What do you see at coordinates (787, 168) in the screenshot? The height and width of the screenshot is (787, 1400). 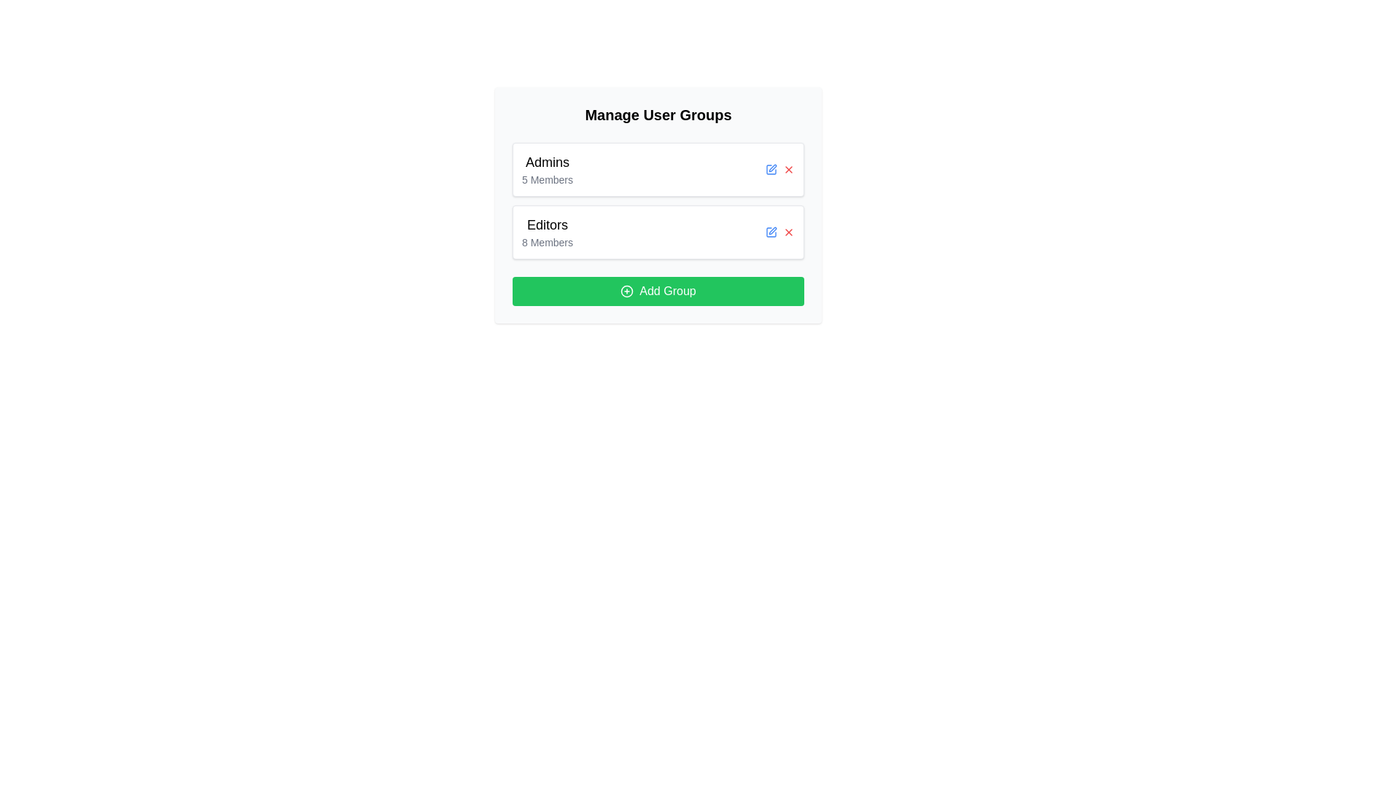 I see `the delete button located to the right of the 'Admins' text` at bounding box center [787, 168].